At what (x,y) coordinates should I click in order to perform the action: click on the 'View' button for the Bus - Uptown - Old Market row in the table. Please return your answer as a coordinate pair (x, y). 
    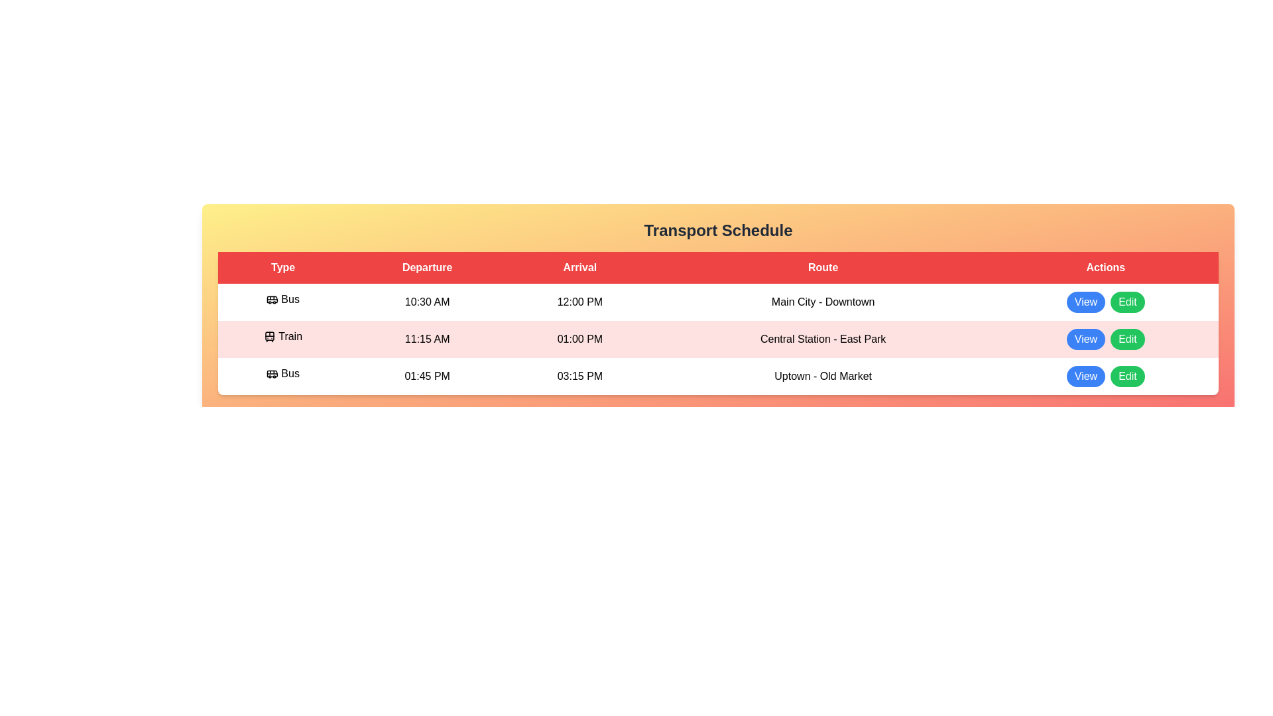
    Looking at the image, I should click on (1085, 376).